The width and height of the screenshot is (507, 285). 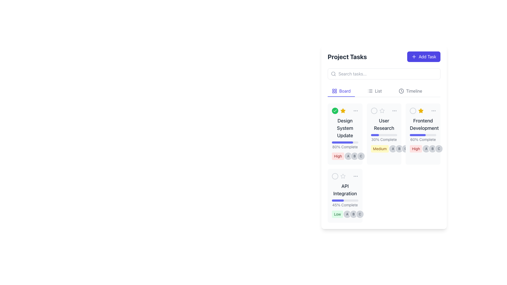 I want to click on the green circular checkmark button located to the right of the list of project tasks to confirm or complete an action, so click(x=335, y=111).